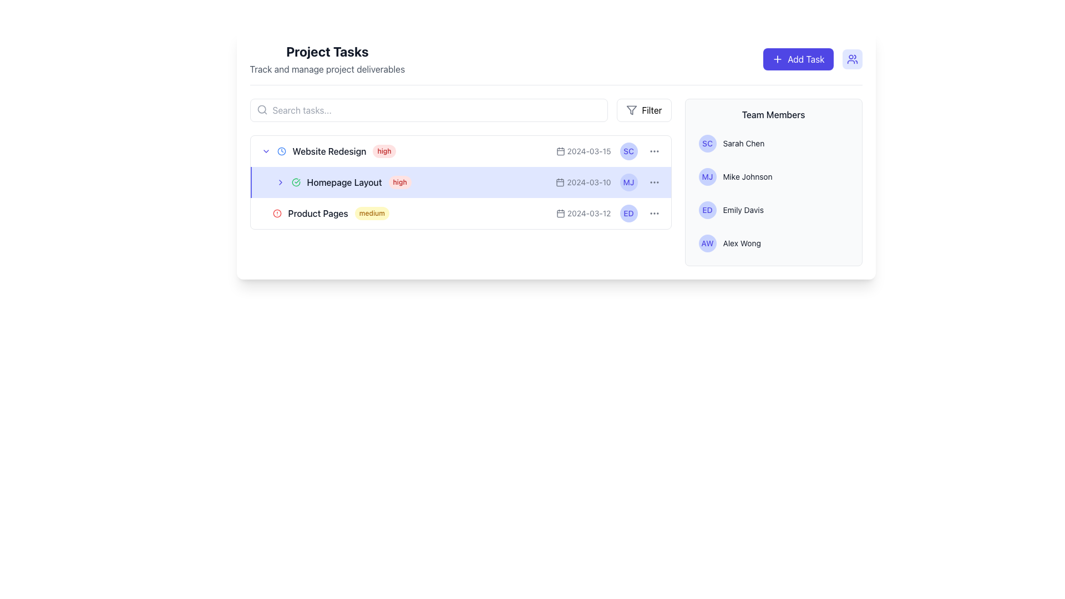 The height and width of the screenshot is (599, 1065). What do you see at coordinates (654, 214) in the screenshot?
I see `the icon button resembling three vertically aligned dots, located to the right of the 'Homepage Layout' task under the 'Project Tasks' list` at bounding box center [654, 214].